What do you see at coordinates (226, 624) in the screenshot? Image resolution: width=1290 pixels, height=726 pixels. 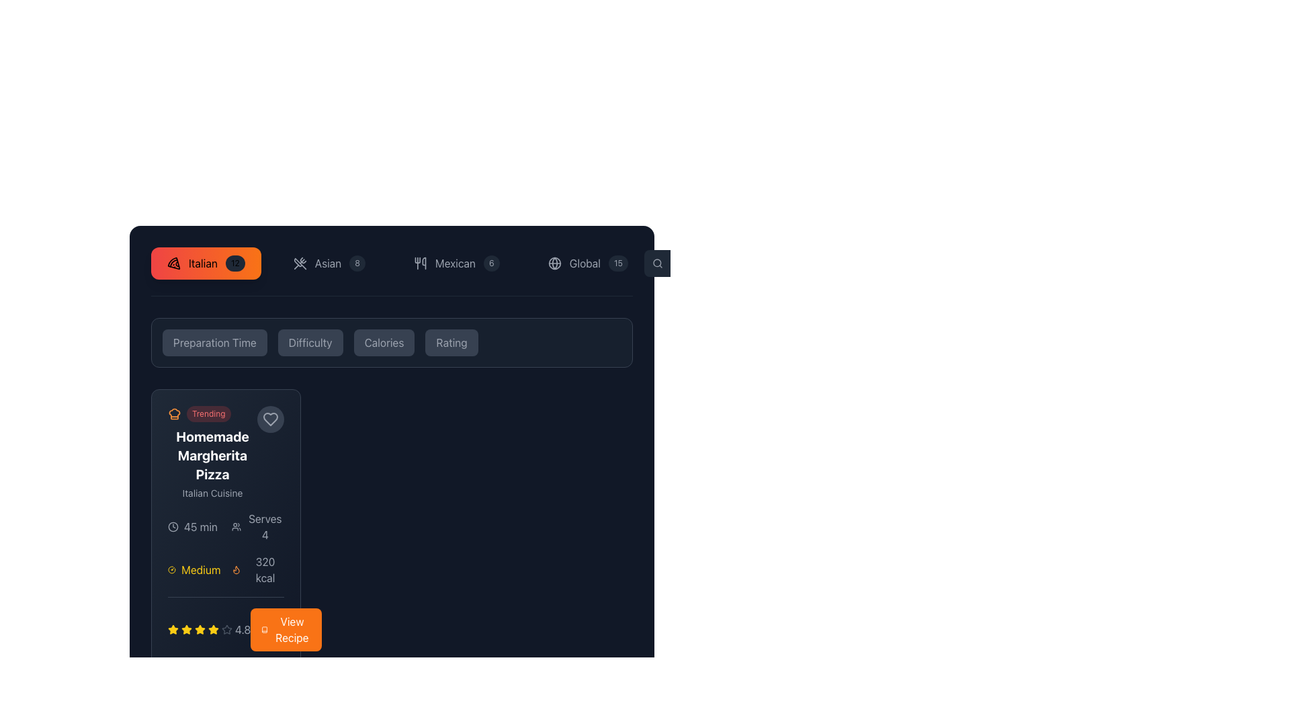 I see `fourth rating star icon in the middle-lower section of the recipe details card, which represents a fractional rating in the rating system` at bounding box center [226, 624].